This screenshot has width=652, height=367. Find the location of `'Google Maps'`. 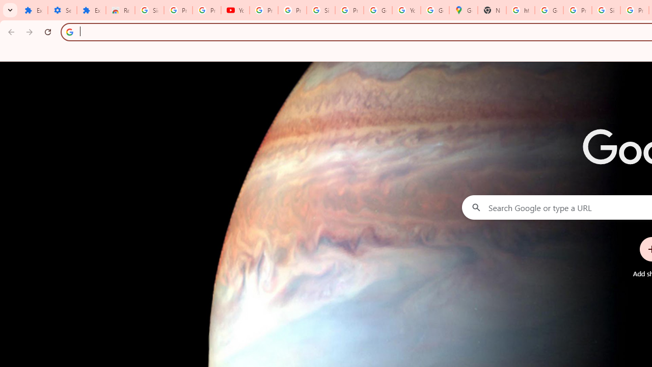

'Google Maps' is located at coordinates (463, 10).